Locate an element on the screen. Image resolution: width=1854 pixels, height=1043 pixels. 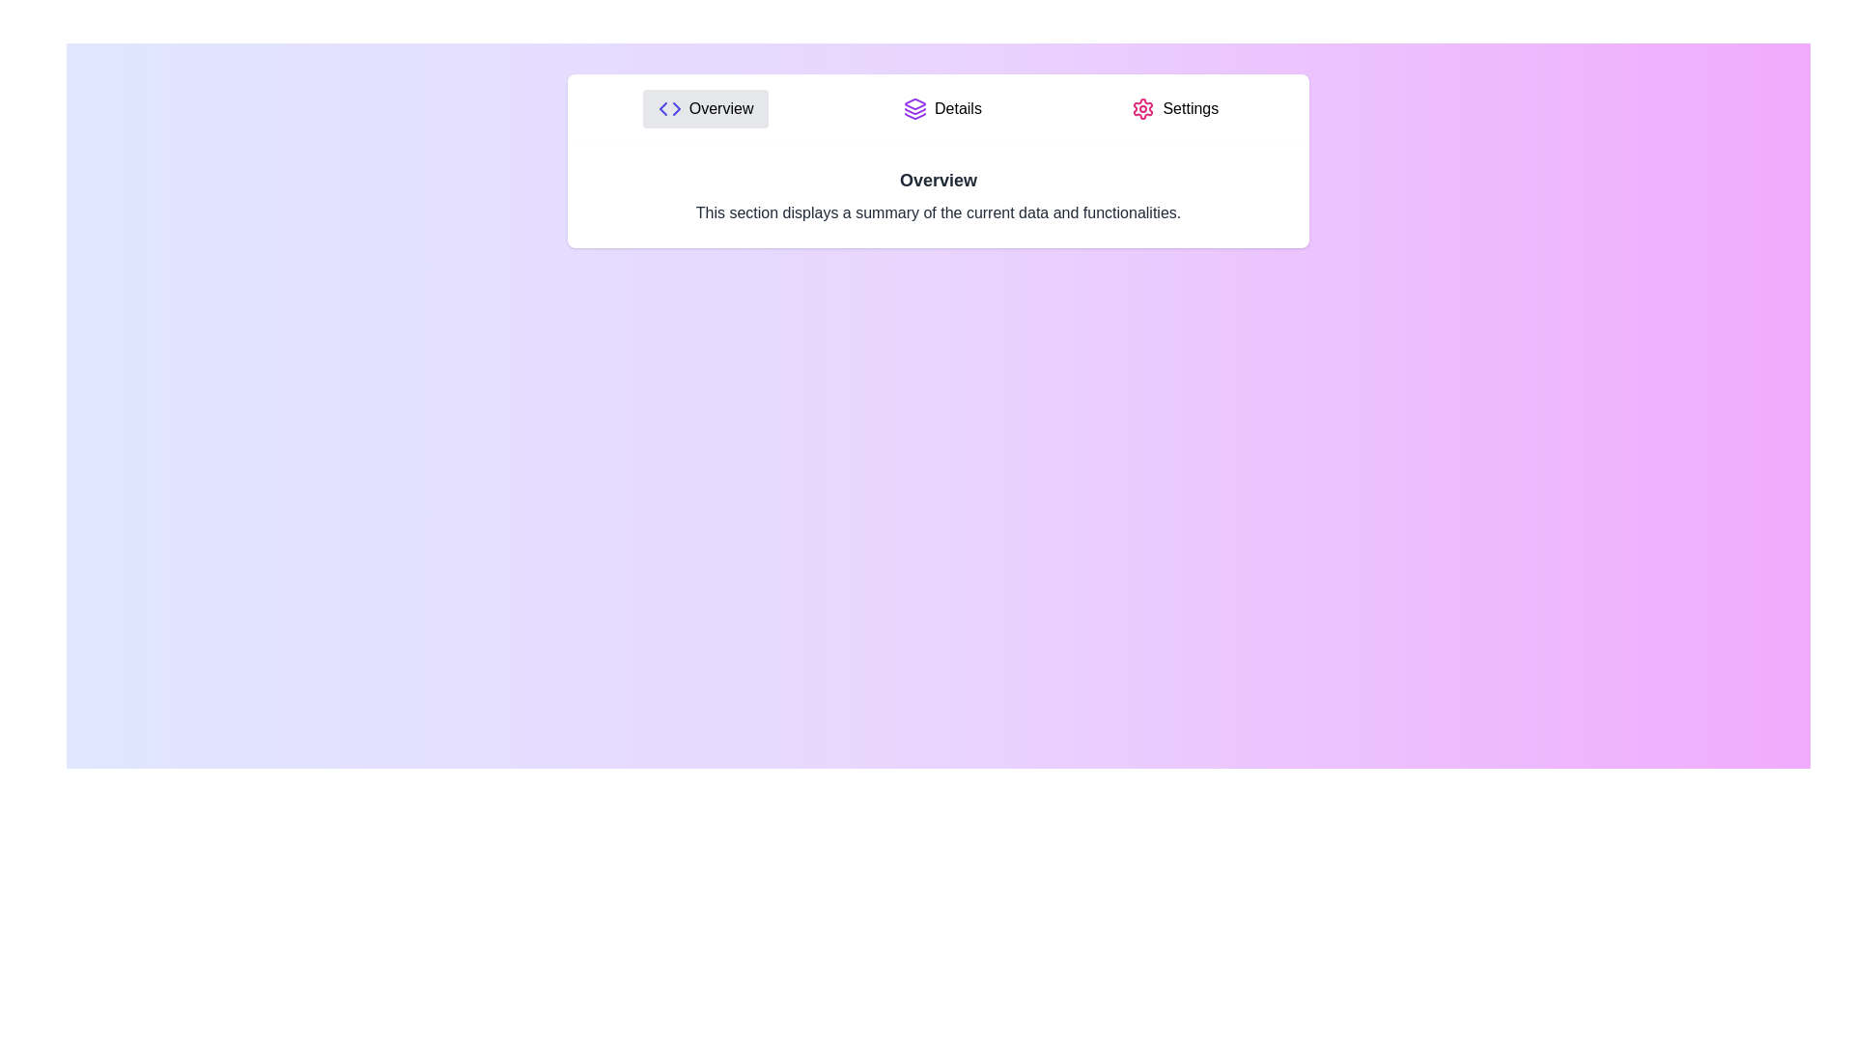
the 'Details' button to interact with the purple SVG Icon located on its left side is located at coordinates (913, 108).